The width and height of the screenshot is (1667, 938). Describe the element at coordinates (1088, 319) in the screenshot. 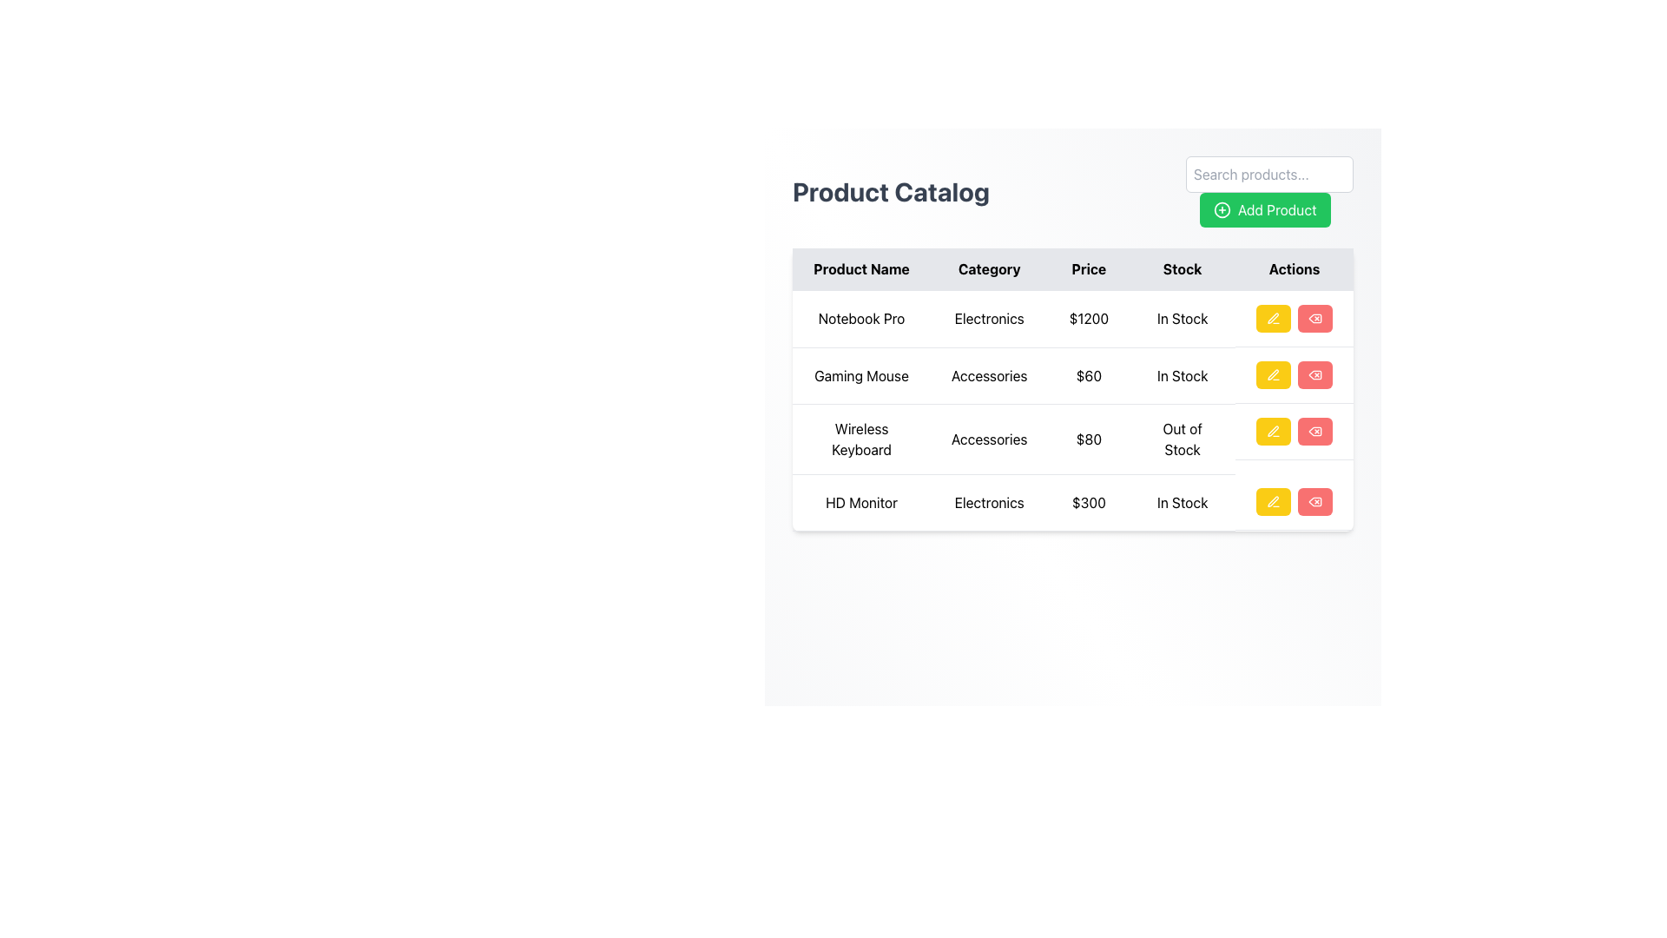

I see `the Text label displaying the price '$1200' for the product 'Notebook Pro' in the first row of the table` at that location.